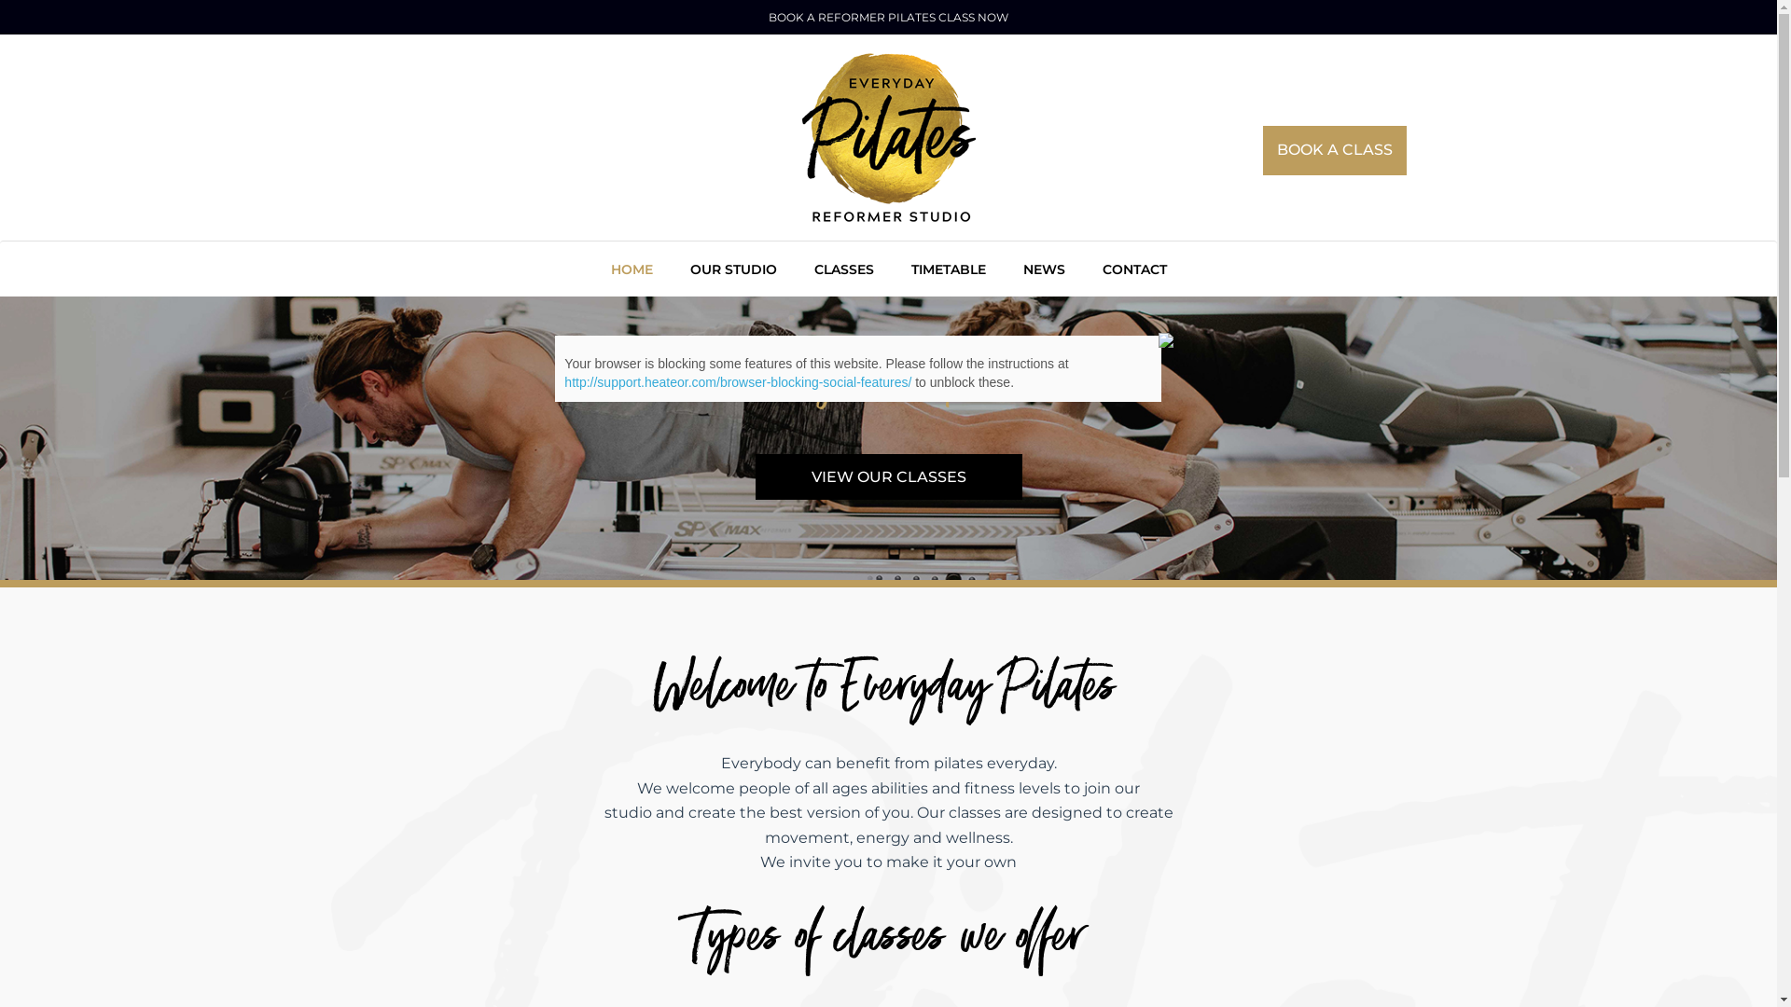 This screenshot has width=1791, height=1007. What do you see at coordinates (888, 476) in the screenshot?
I see `'VIEW OUR CLASSES'` at bounding box center [888, 476].